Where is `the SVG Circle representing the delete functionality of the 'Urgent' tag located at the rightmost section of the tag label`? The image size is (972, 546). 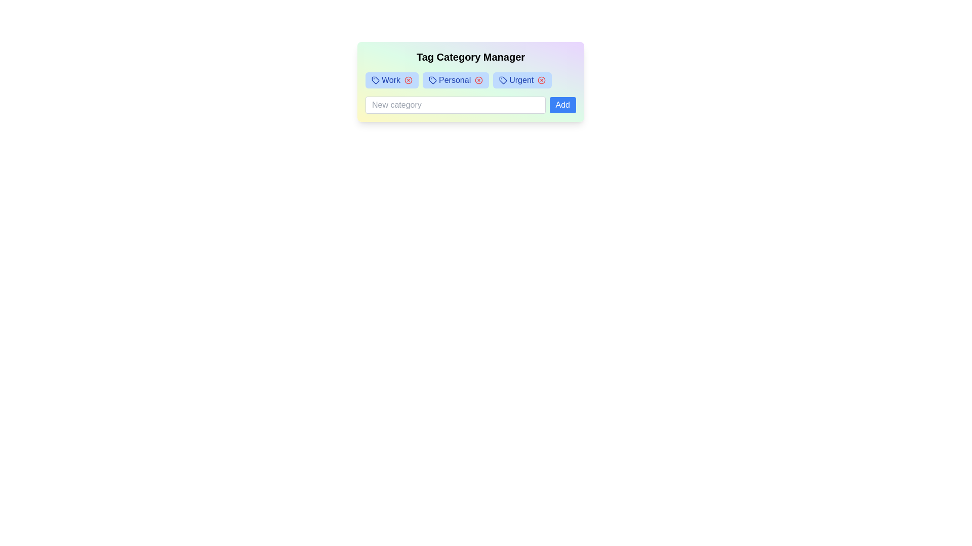
the SVG Circle representing the delete functionality of the 'Urgent' tag located at the rightmost section of the tag label is located at coordinates (541, 79).